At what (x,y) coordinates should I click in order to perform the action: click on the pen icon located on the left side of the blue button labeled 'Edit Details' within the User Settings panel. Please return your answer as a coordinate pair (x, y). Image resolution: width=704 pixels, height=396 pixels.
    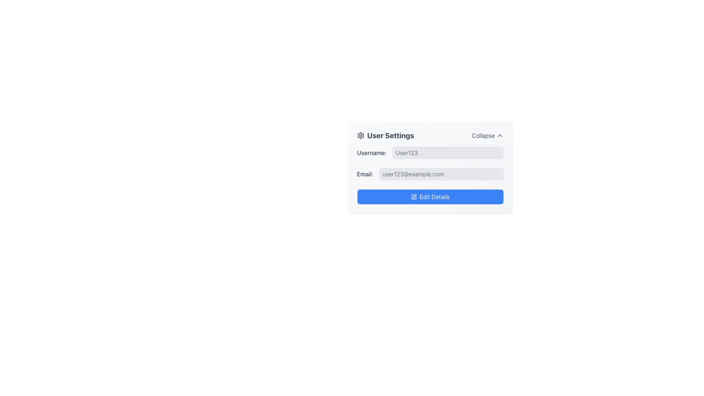
    Looking at the image, I should click on (414, 196).